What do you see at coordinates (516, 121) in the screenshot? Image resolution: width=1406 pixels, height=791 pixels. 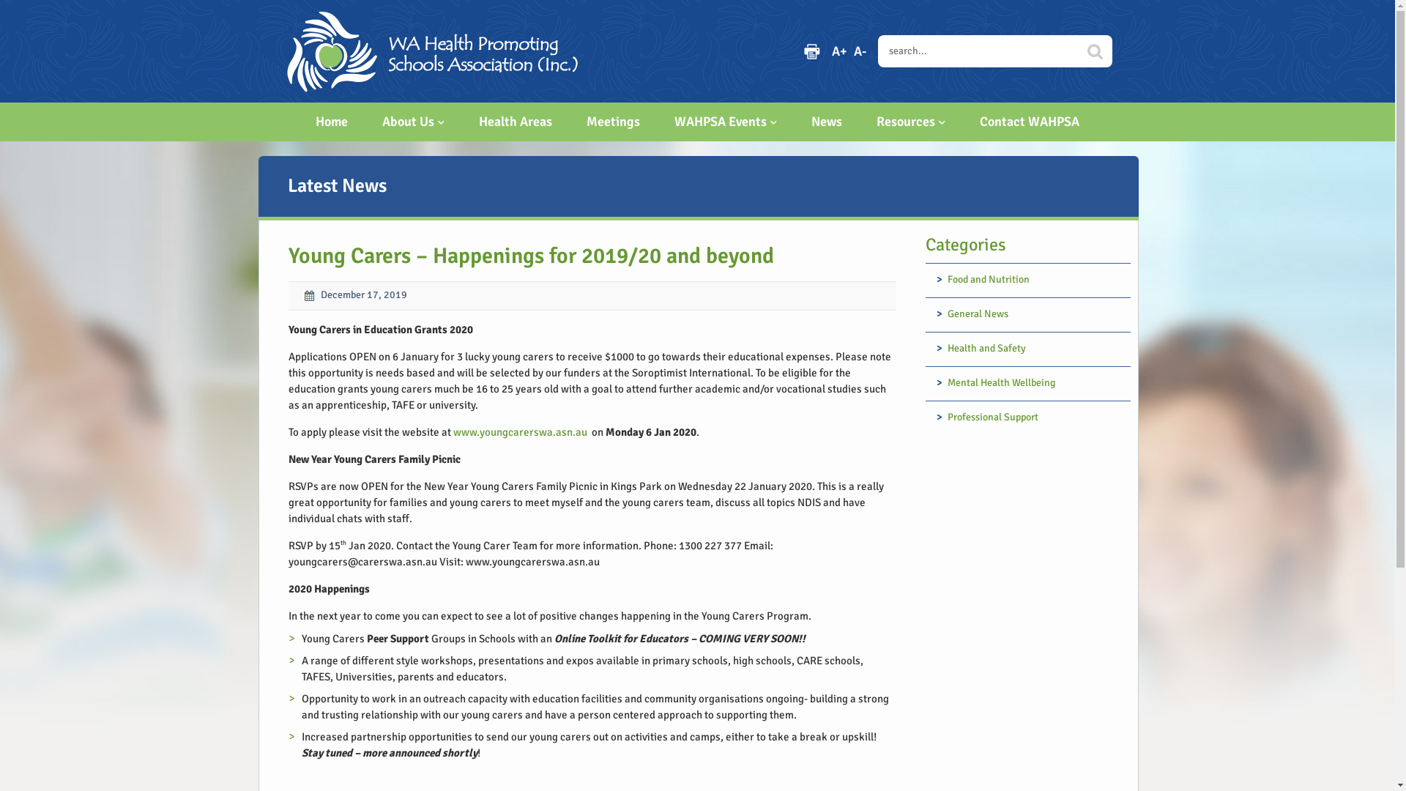 I see `'Health Areas'` at bounding box center [516, 121].